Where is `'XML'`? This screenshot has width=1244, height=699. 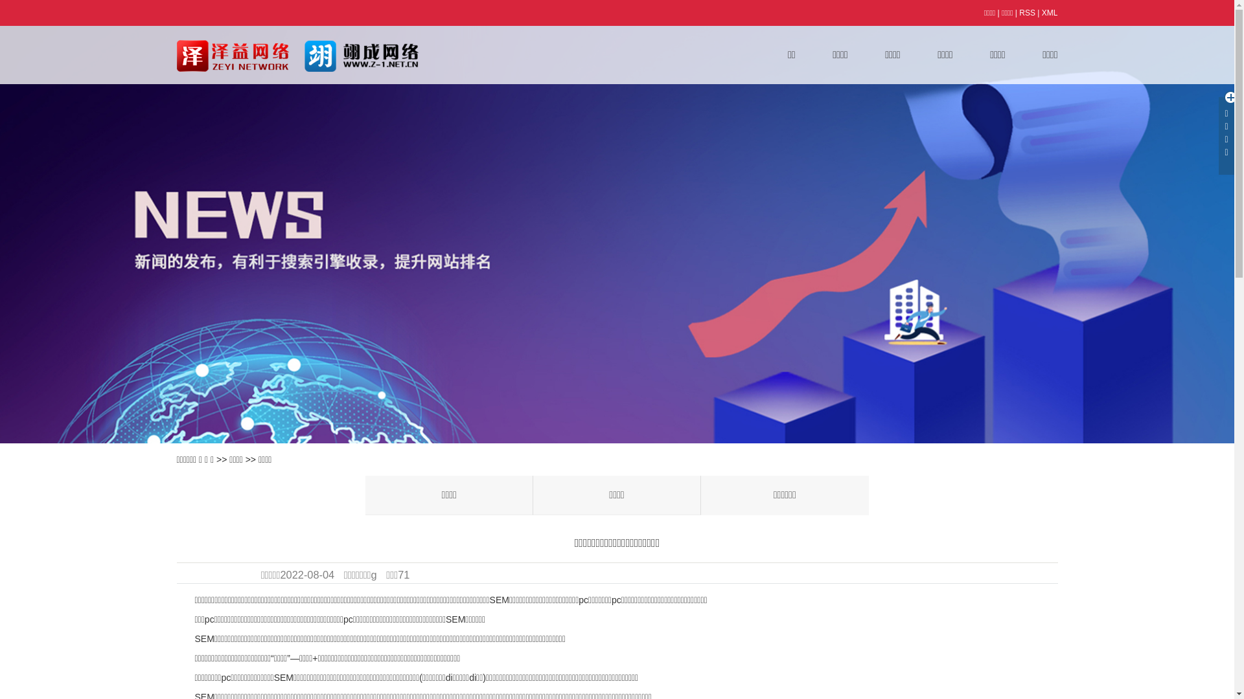
'XML' is located at coordinates (1042, 12).